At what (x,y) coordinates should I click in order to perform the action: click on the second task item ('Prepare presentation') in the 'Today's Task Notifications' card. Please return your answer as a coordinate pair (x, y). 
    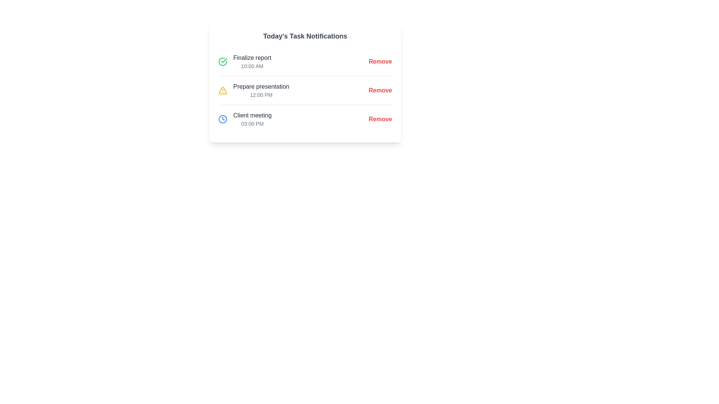
    Looking at the image, I should click on (305, 82).